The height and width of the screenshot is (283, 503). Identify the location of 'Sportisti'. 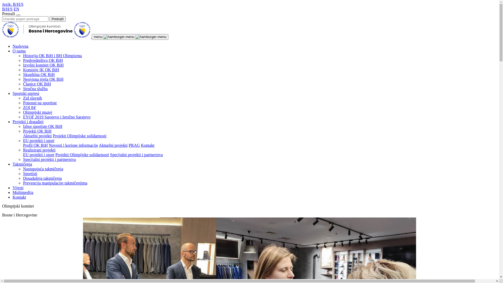
(30, 173).